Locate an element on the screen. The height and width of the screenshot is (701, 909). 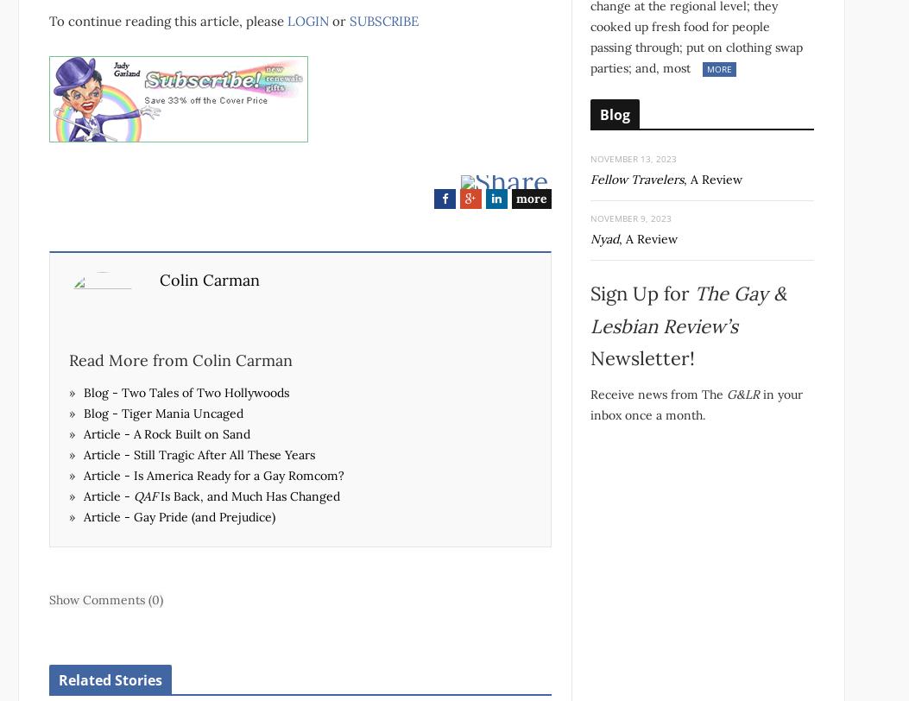
'Read More from Colin Carman' is located at coordinates (180, 359).